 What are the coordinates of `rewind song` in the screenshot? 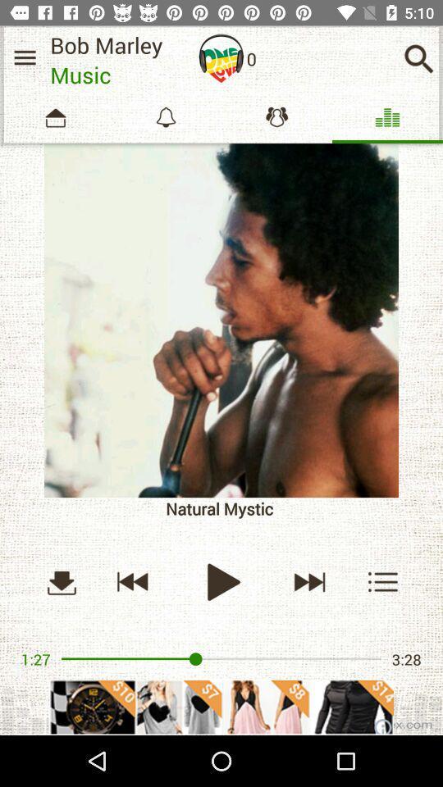 It's located at (132, 581).